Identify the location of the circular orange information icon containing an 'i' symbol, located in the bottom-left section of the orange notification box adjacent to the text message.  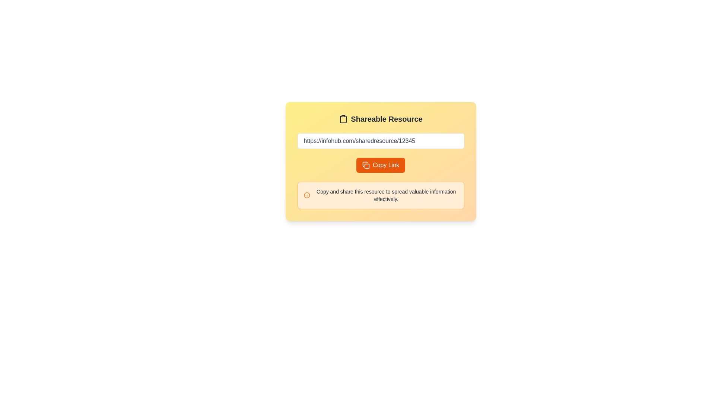
(307, 195).